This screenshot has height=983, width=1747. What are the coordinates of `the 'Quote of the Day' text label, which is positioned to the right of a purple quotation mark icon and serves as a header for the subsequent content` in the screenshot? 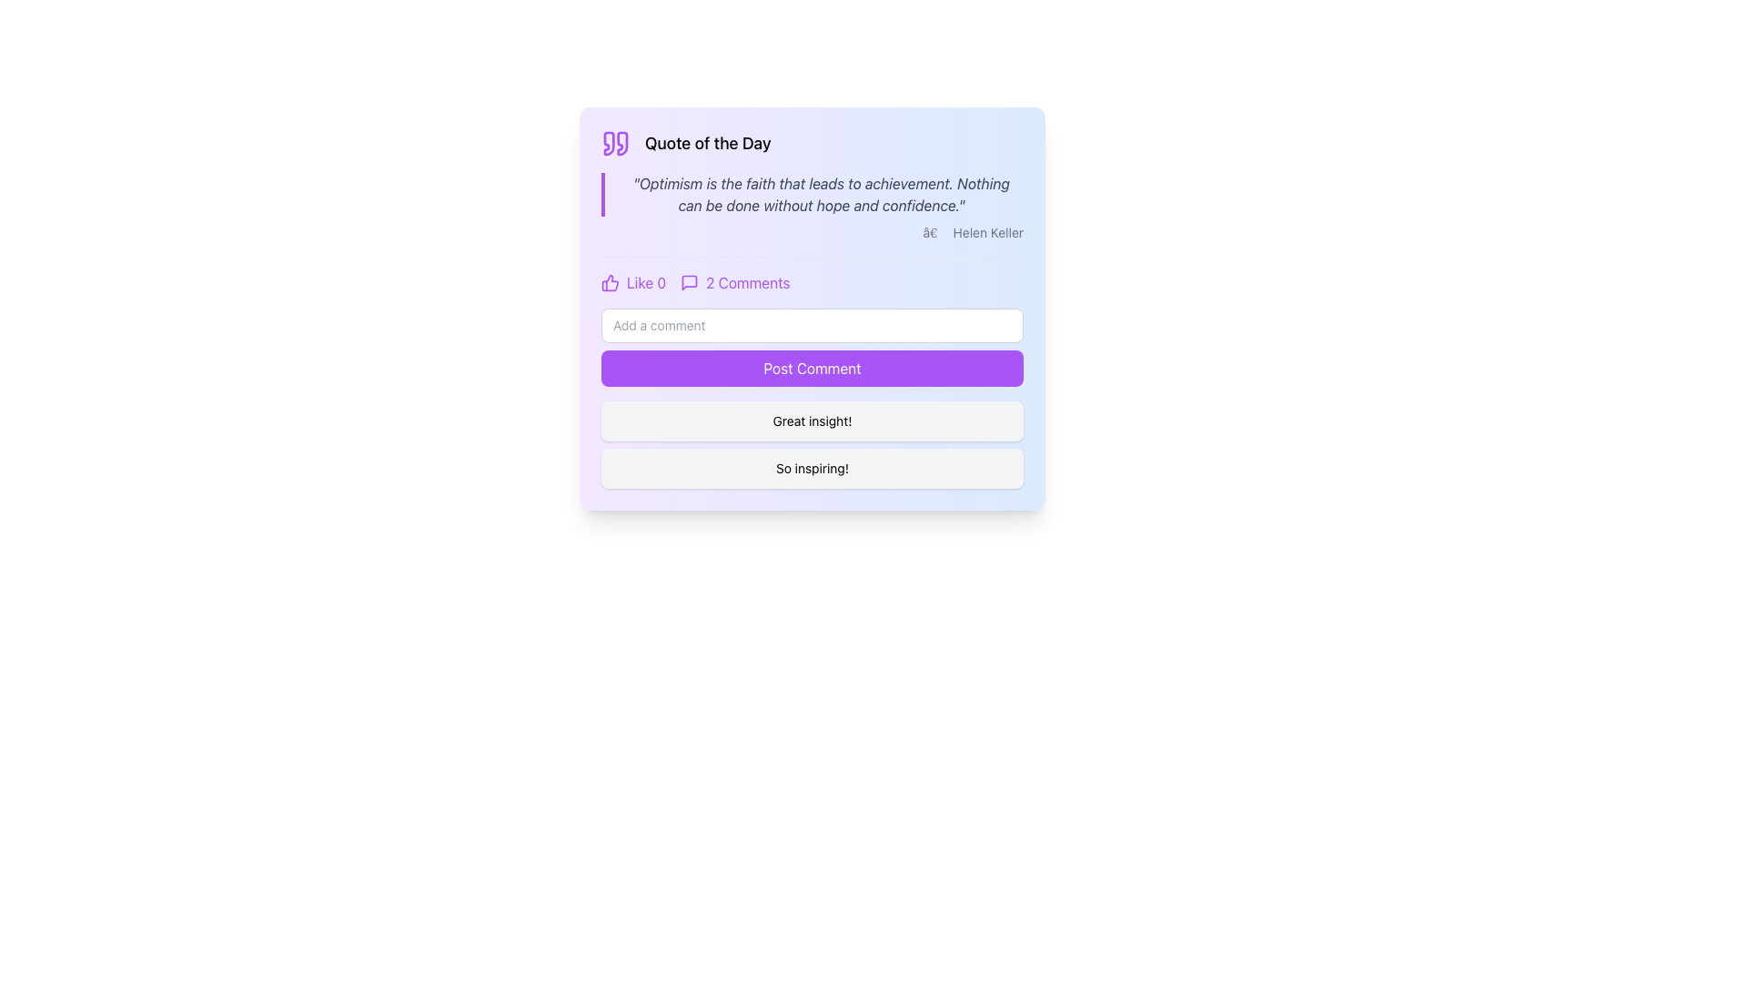 It's located at (707, 143).